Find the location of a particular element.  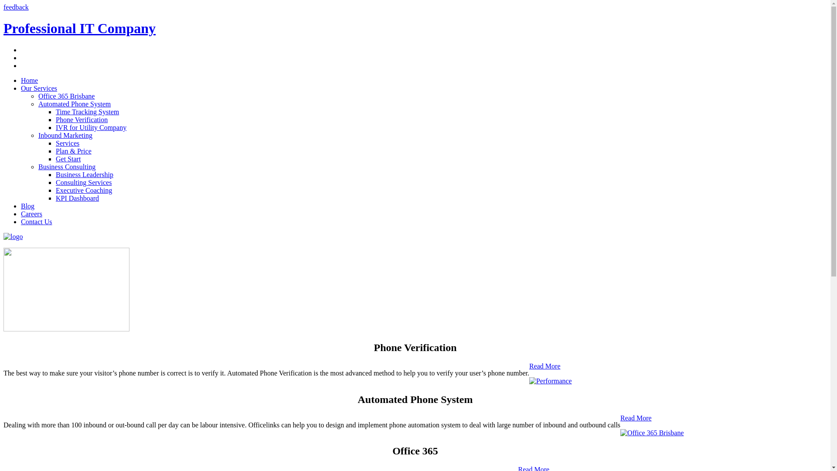

'Consulting Services' is located at coordinates (84, 182).